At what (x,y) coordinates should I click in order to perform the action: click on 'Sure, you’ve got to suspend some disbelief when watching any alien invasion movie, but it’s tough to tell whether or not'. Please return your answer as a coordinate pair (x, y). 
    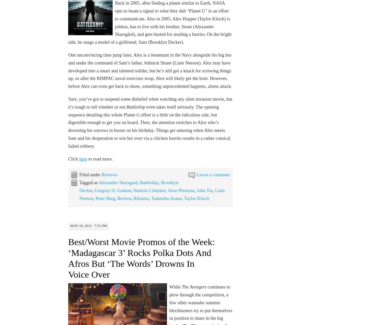
    Looking at the image, I should click on (150, 103).